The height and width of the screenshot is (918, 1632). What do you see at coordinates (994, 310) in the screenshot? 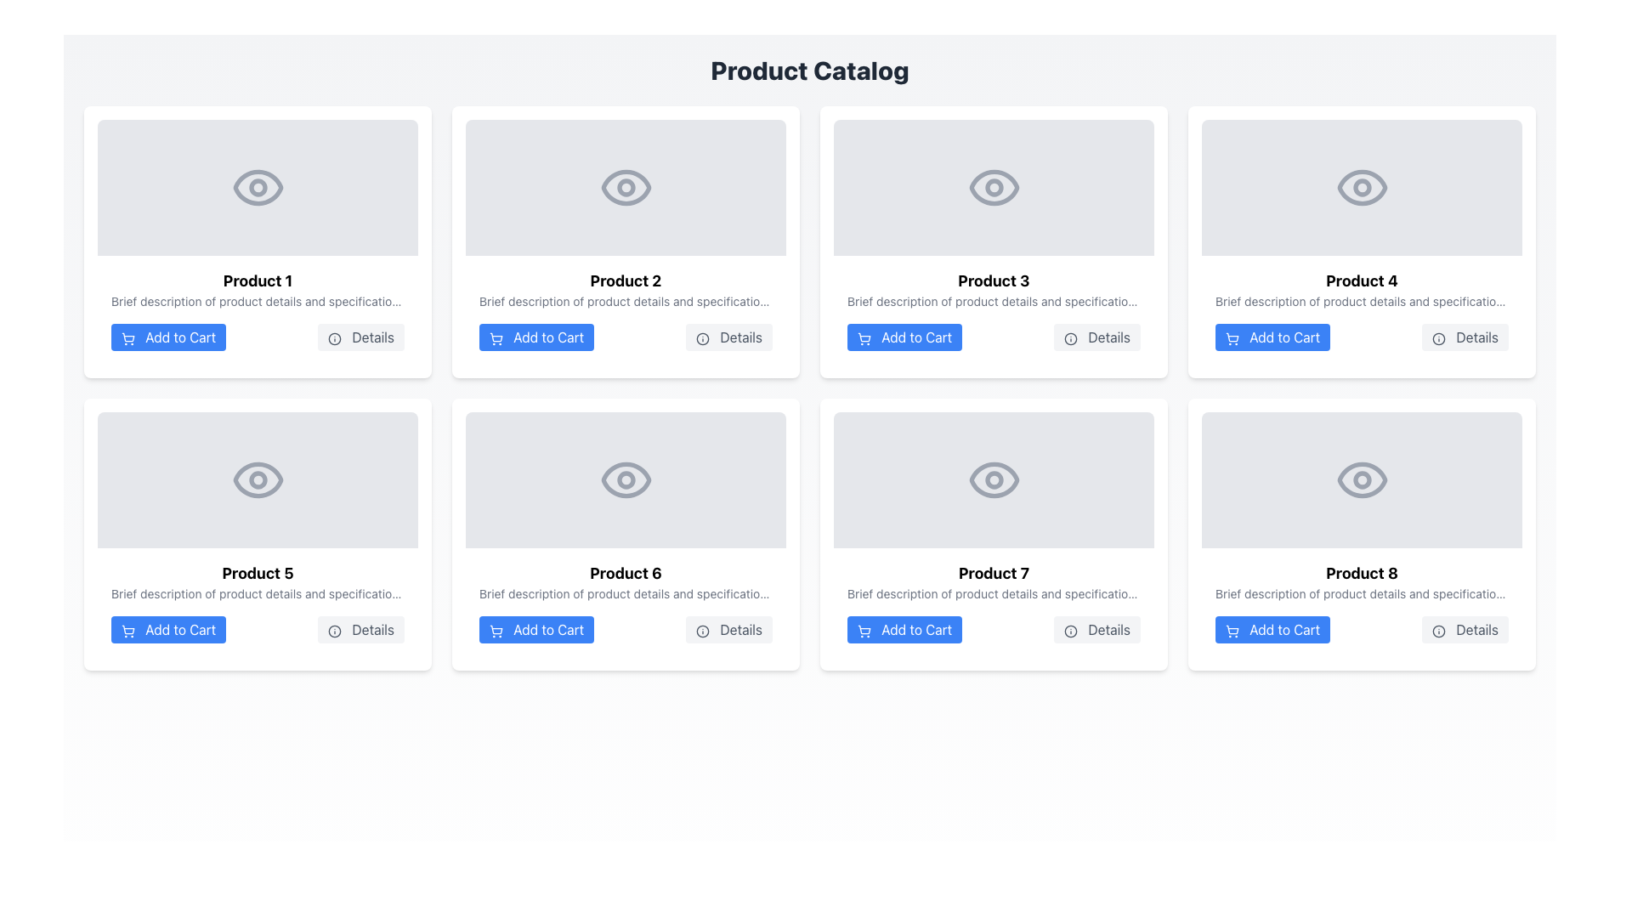
I see `the 'Add to Cart' button located at the bottom of the 'Product 3' card` at bounding box center [994, 310].